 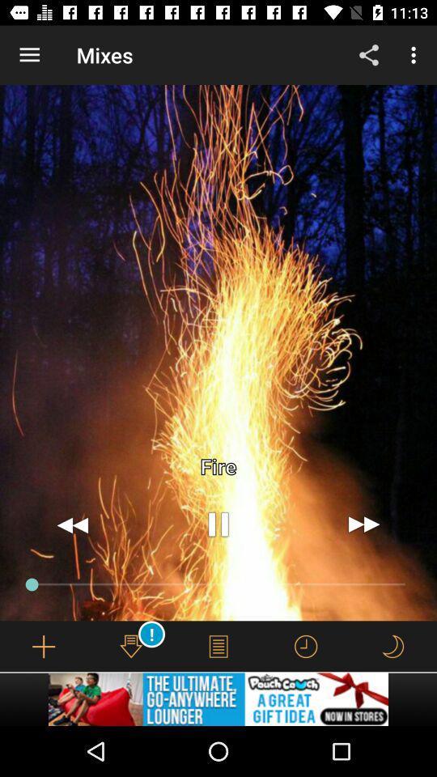 I want to click on next mix, so click(x=363, y=524).